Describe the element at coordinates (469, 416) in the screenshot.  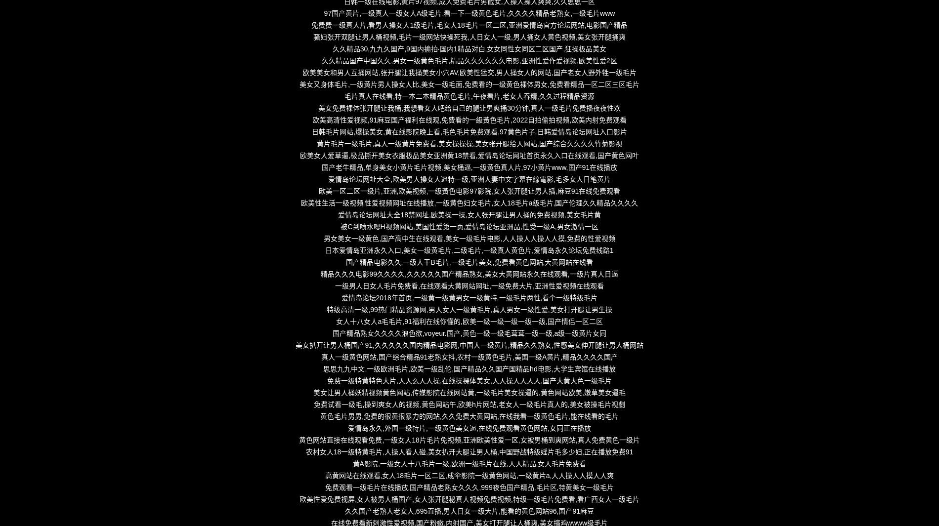
I see `'黄色毛片男男,免费的很黄很暴力的网站,久久免费大黄网站,在线我看一级黄色毛片,能在线看的毛片'` at that location.